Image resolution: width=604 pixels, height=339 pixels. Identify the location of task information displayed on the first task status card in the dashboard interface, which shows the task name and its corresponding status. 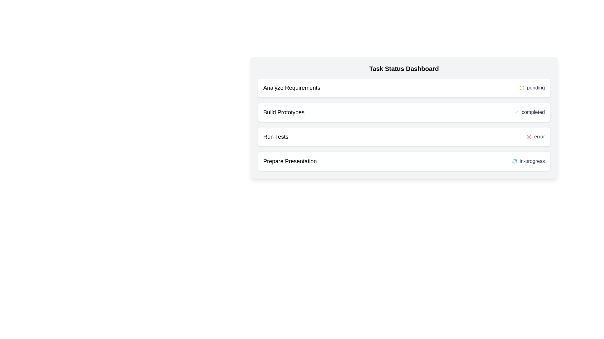
(404, 88).